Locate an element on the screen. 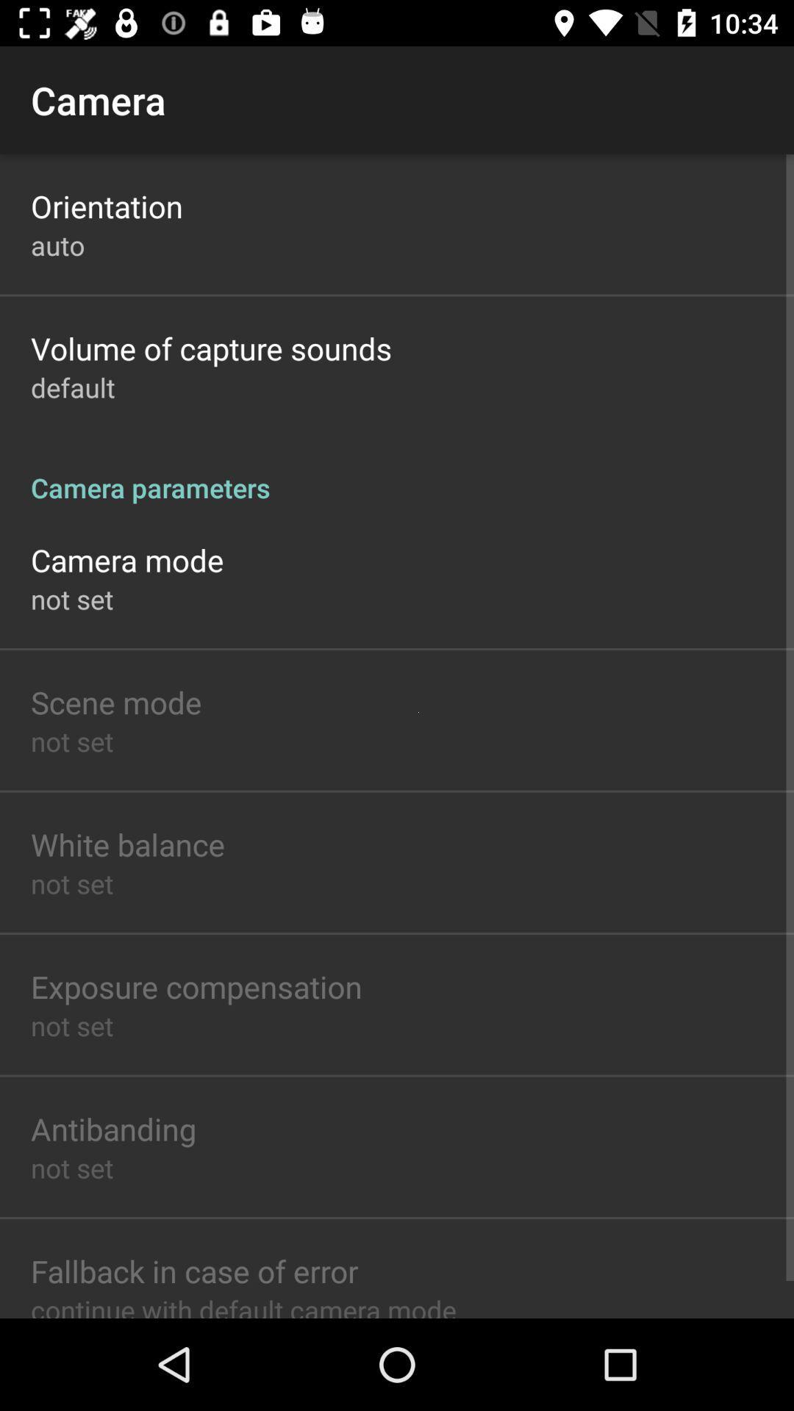 This screenshot has width=794, height=1411. white balance item is located at coordinates (126, 844).